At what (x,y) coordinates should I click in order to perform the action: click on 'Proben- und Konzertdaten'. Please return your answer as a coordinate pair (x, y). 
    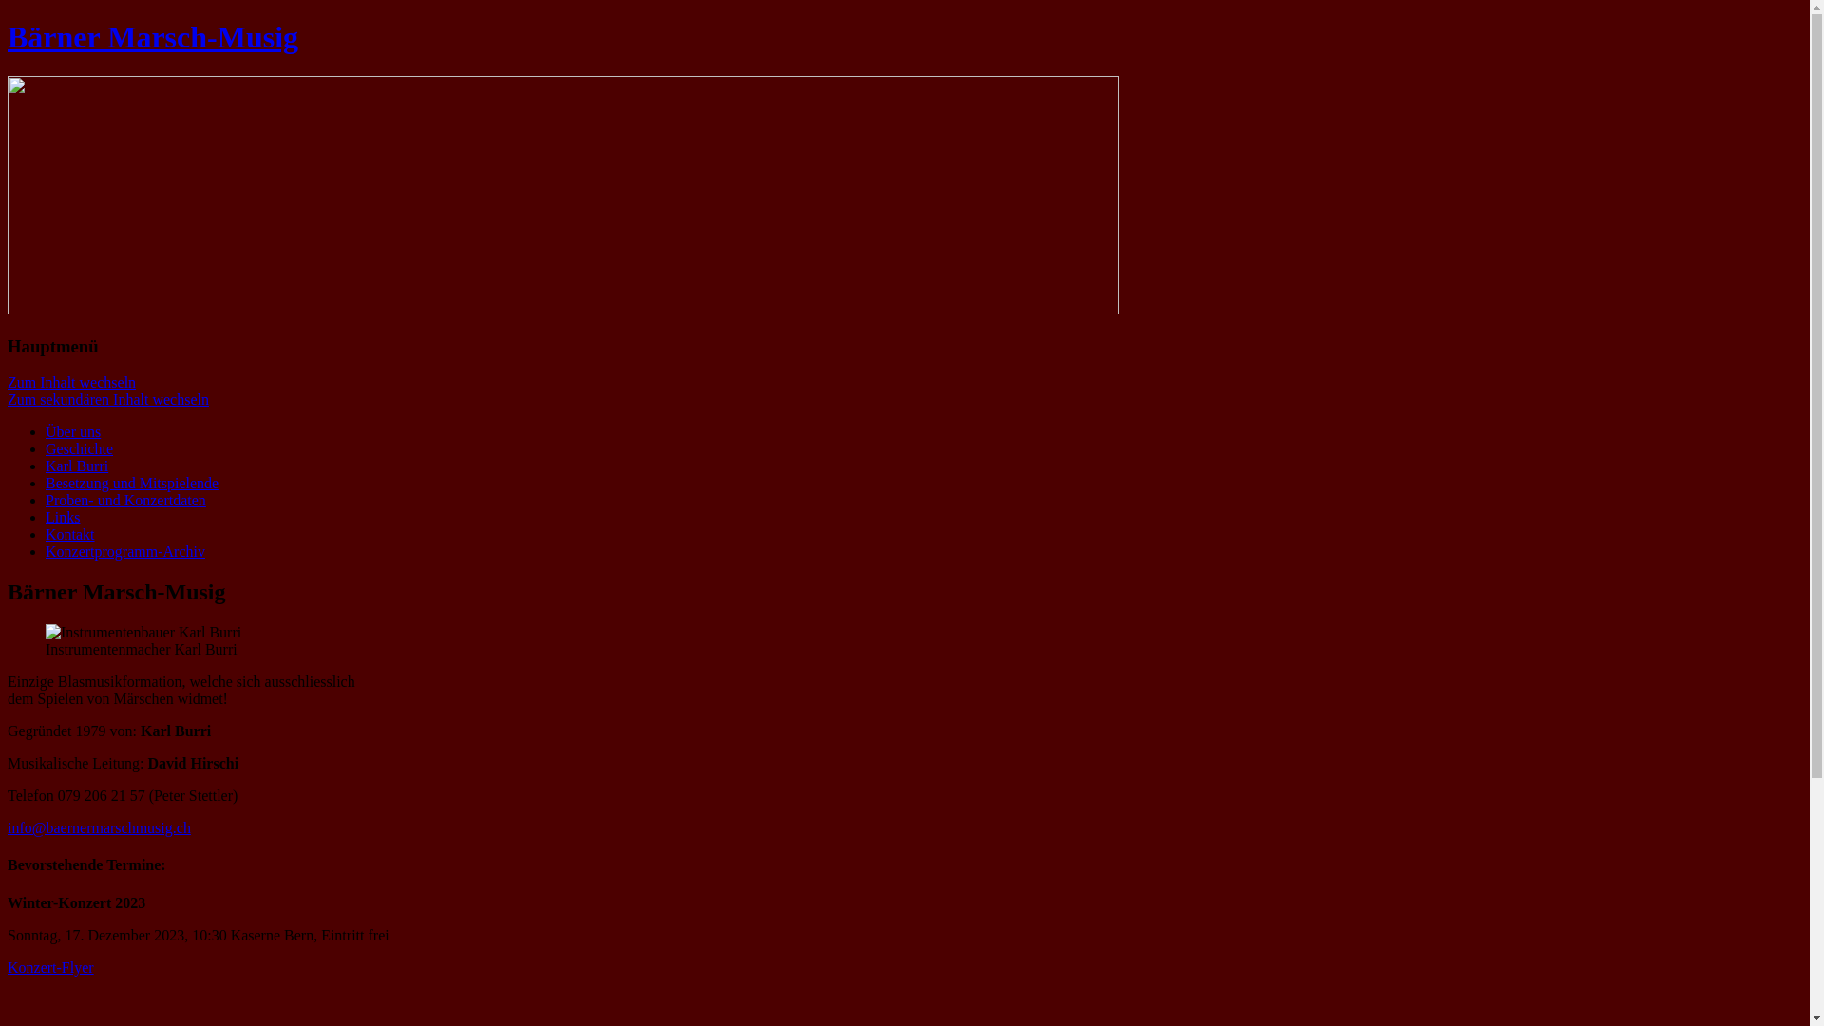
    Looking at the image, I should click on (124, 499).